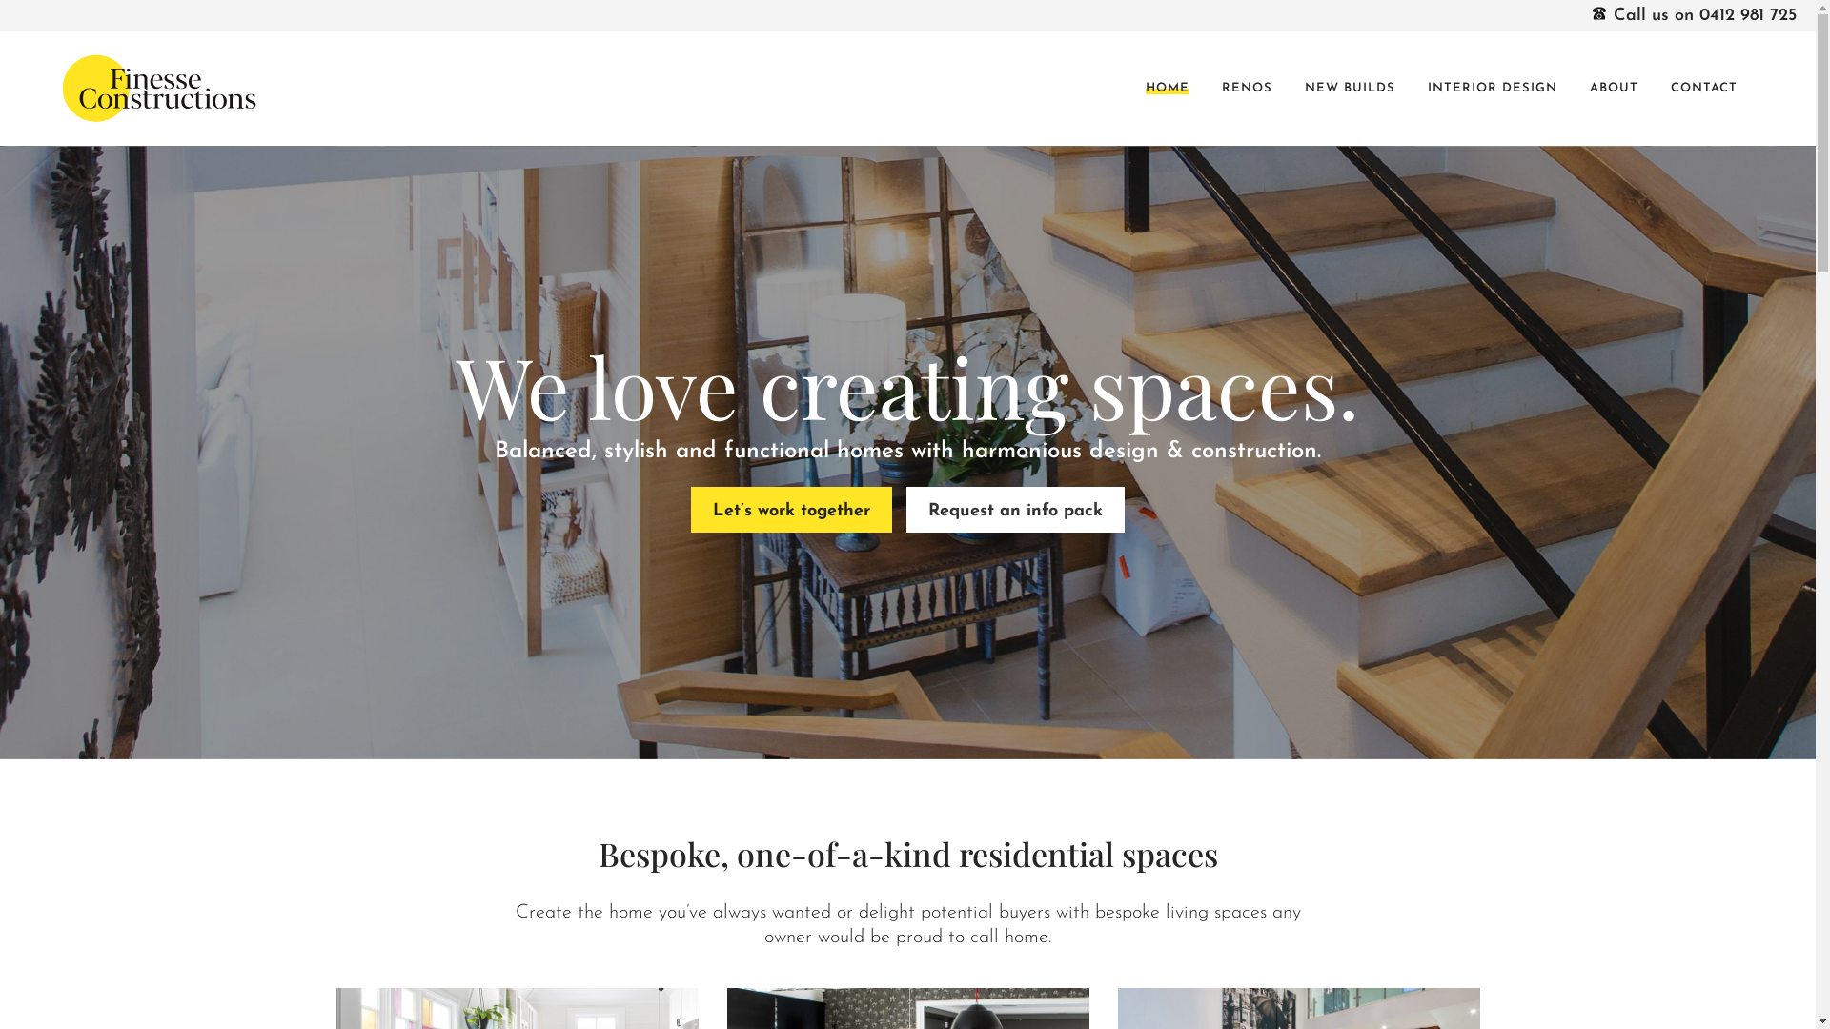  I want to click on 'HOME', so click(1166, 88).